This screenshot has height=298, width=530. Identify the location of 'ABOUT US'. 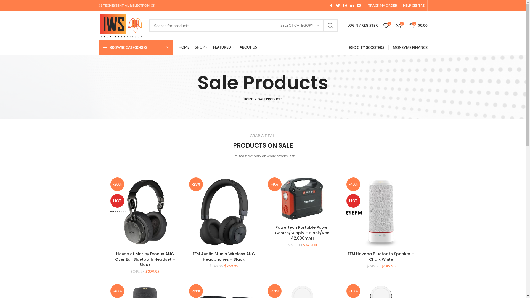
(248, 47).